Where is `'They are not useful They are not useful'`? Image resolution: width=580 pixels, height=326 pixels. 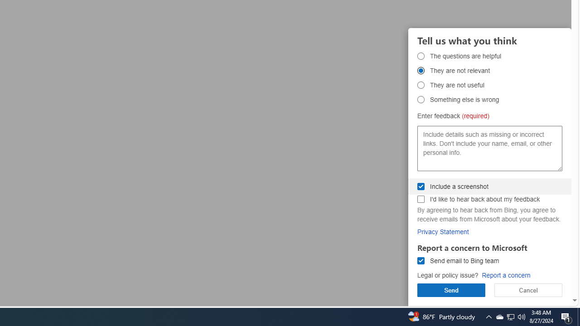 'They are not useful They are not useful' is located at coordinates (420, 85).